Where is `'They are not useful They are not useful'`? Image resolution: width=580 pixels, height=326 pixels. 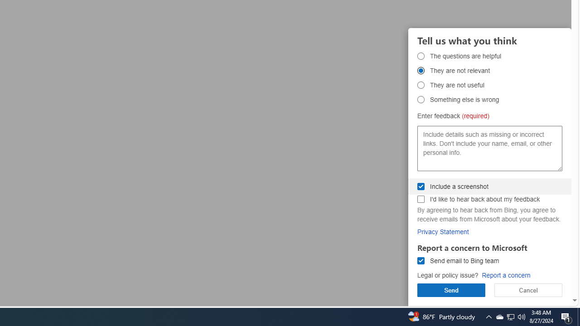 'They are not useful They are not useful' is located at coordinates (420, 85).